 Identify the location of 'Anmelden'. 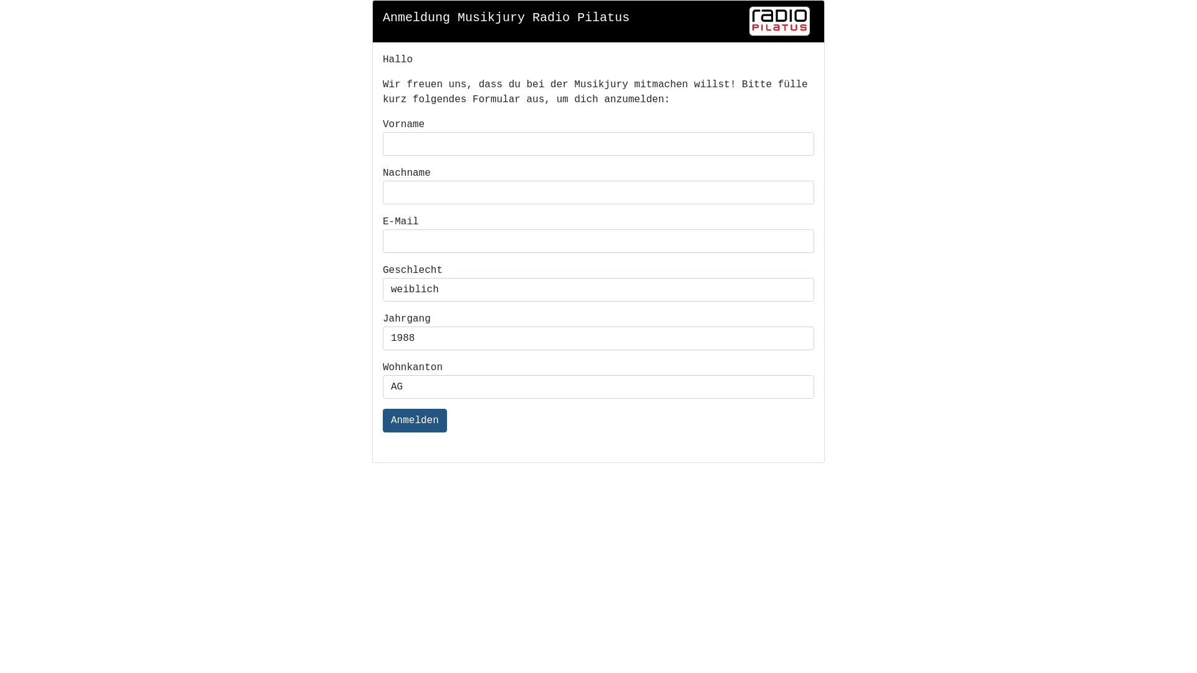
(415, 421).